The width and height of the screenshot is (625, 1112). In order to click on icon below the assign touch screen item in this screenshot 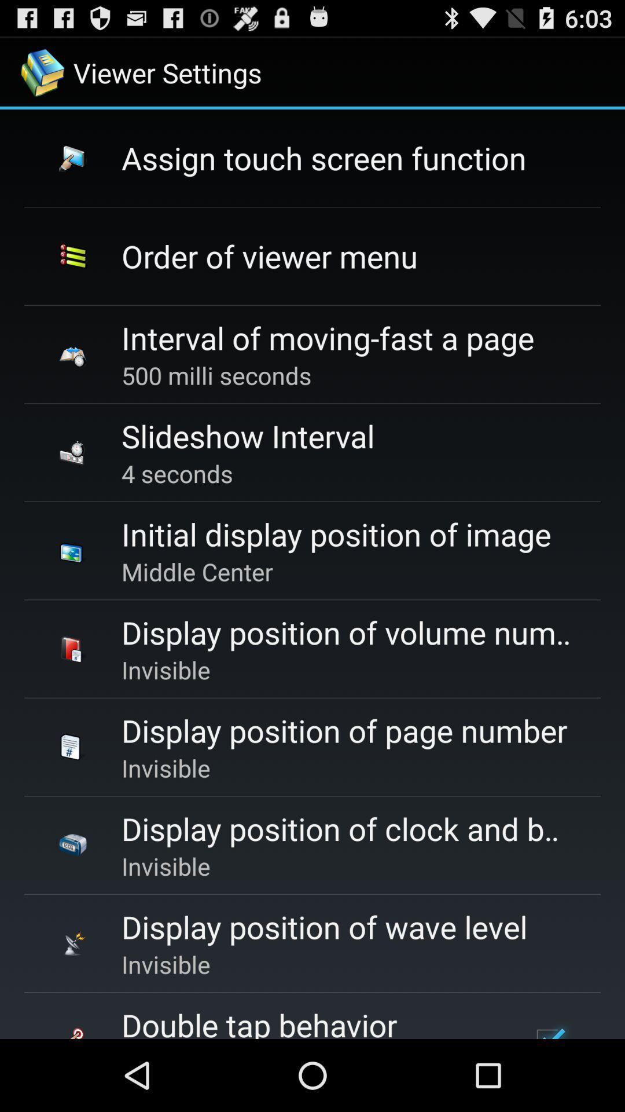, I will do `click(270, 255)`.